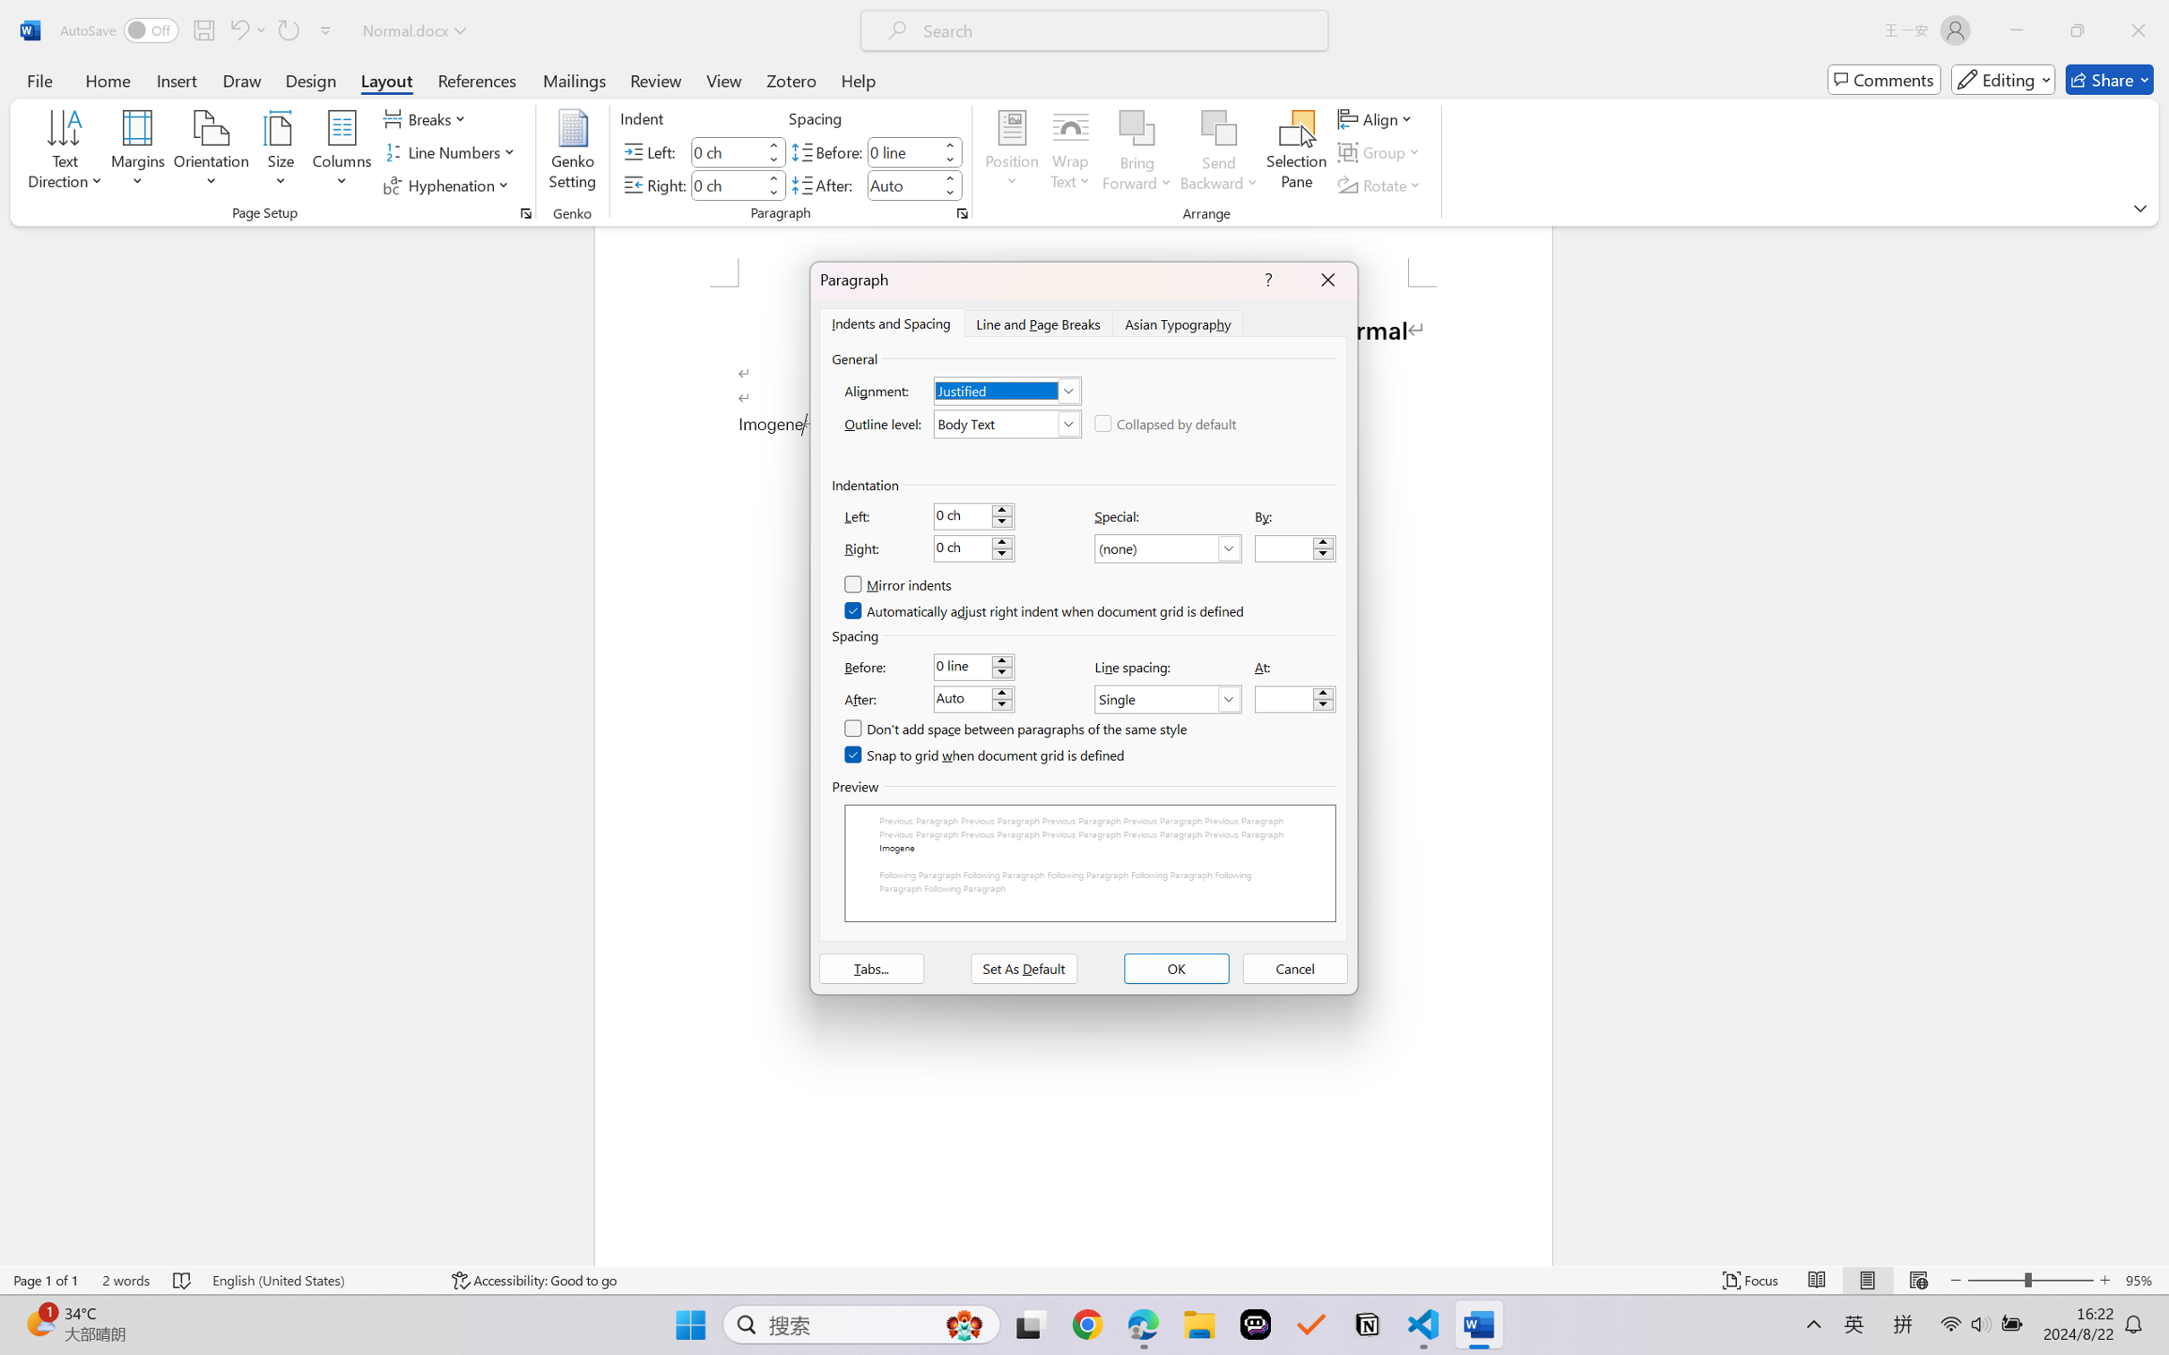 This screenshot has height=1355, width=2169. Describe the element at coordinates (1168, 699) in the screenshot. I see `'Line spacing:'` at that location.